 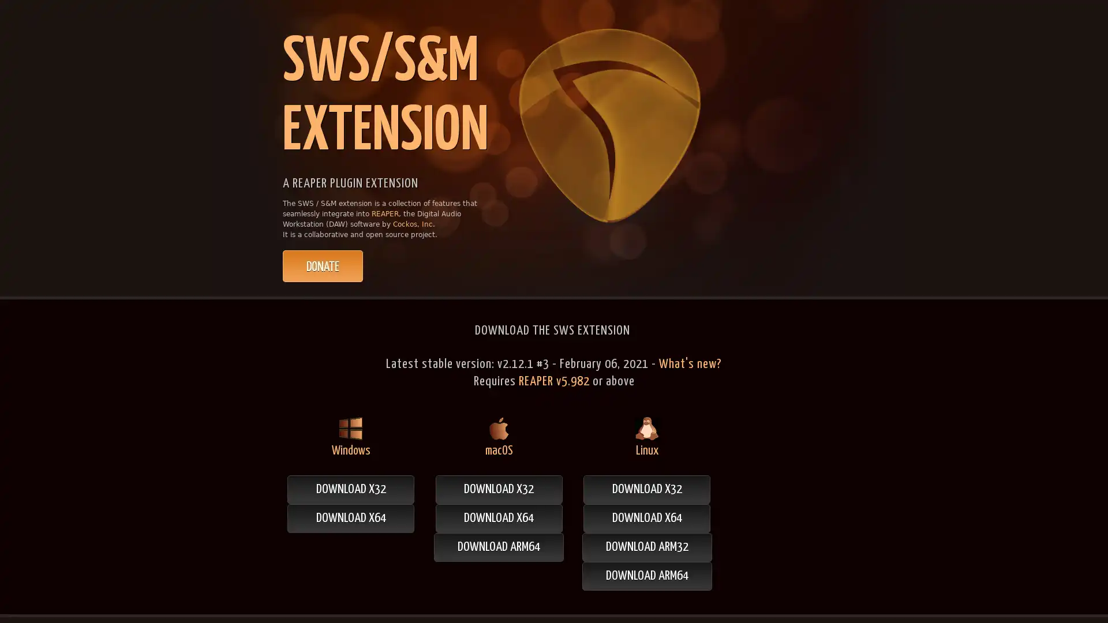 I want to click on DOWNLOAD ARM32, so click(x=738, y=546).